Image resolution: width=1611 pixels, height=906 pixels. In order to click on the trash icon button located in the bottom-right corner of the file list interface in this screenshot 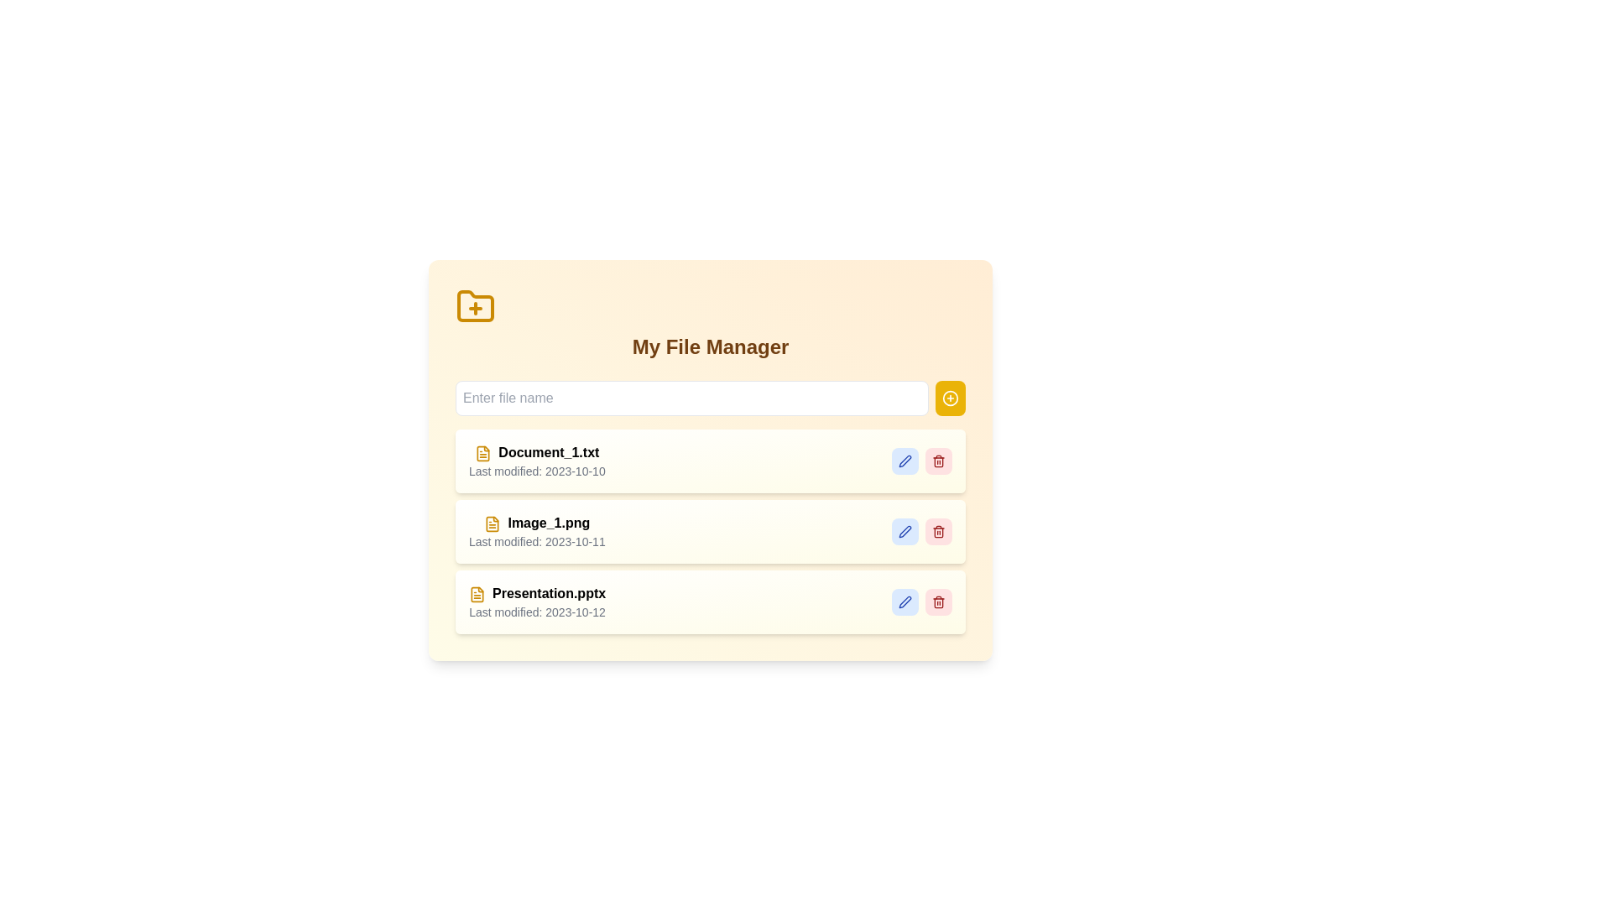, I will do `click(937, 601)`.